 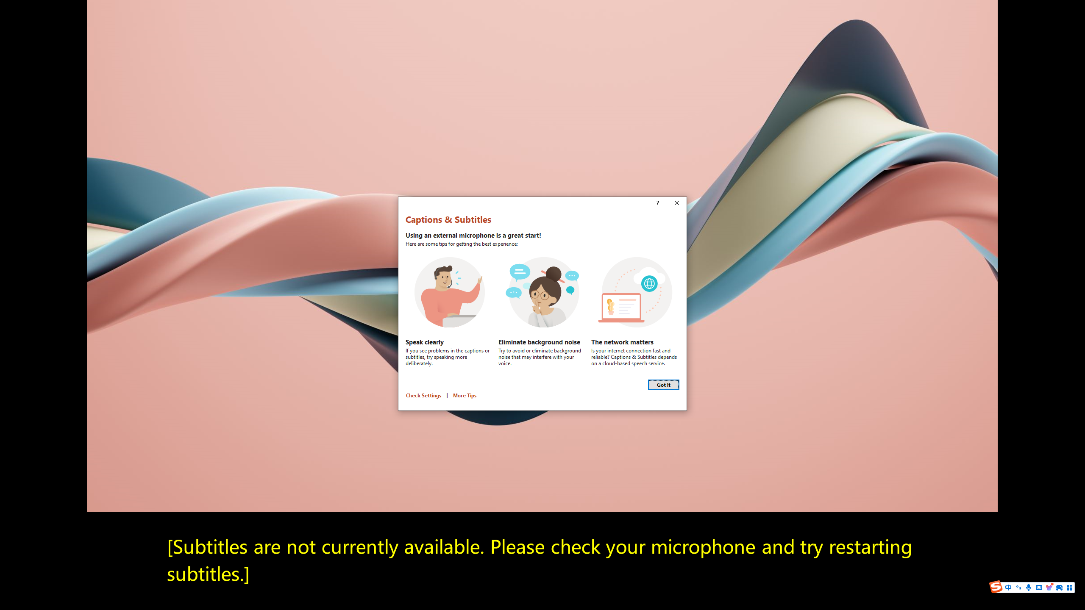 What do you see at coordinates (465, 395) in the screenshot?
I see `'More Tips'` at bounding box center [465, 395].